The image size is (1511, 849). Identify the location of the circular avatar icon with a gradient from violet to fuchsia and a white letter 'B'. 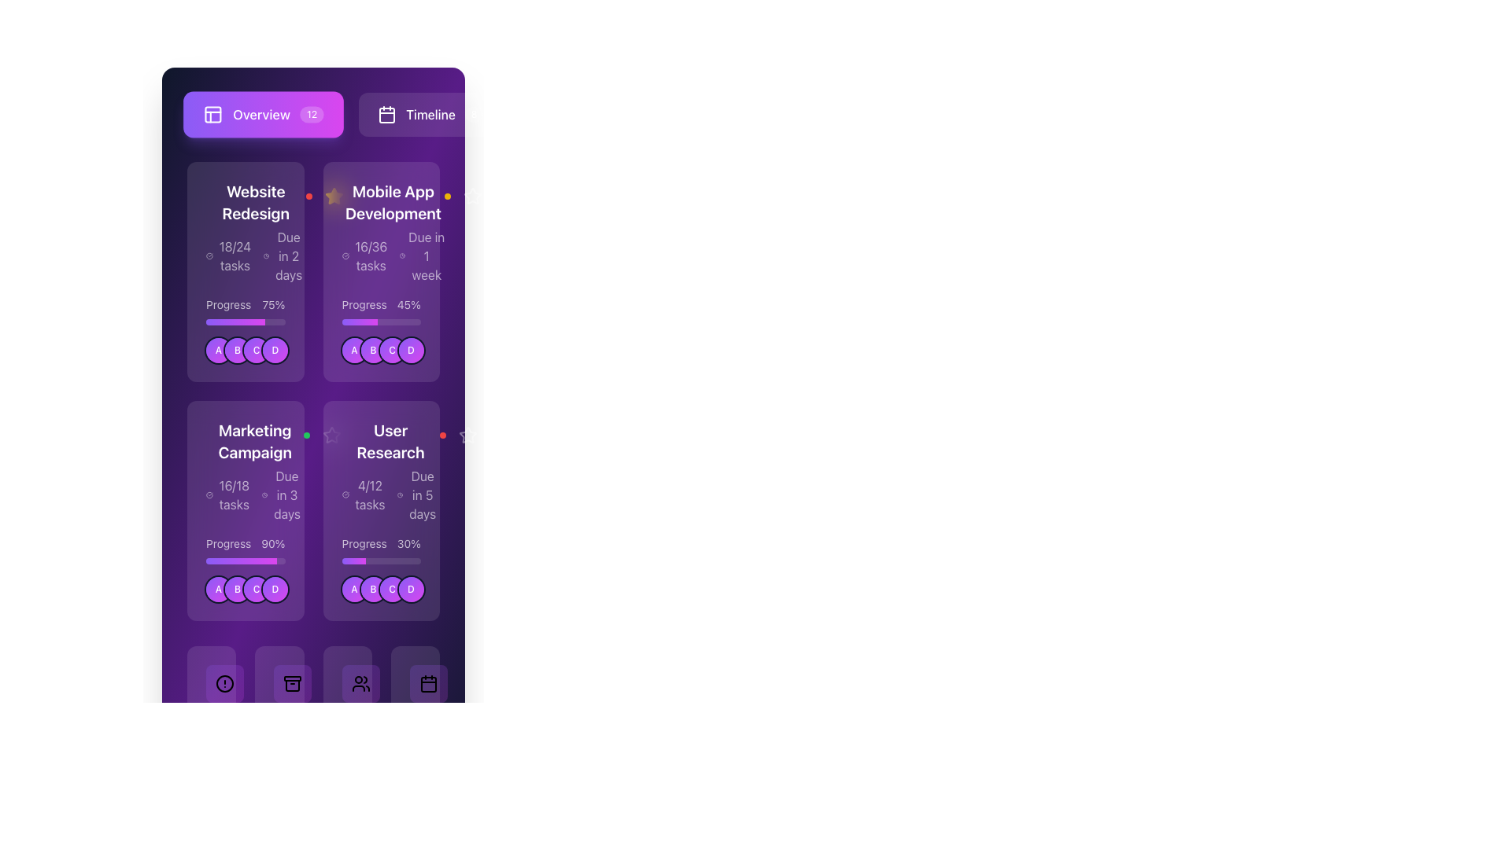
(372, 589).